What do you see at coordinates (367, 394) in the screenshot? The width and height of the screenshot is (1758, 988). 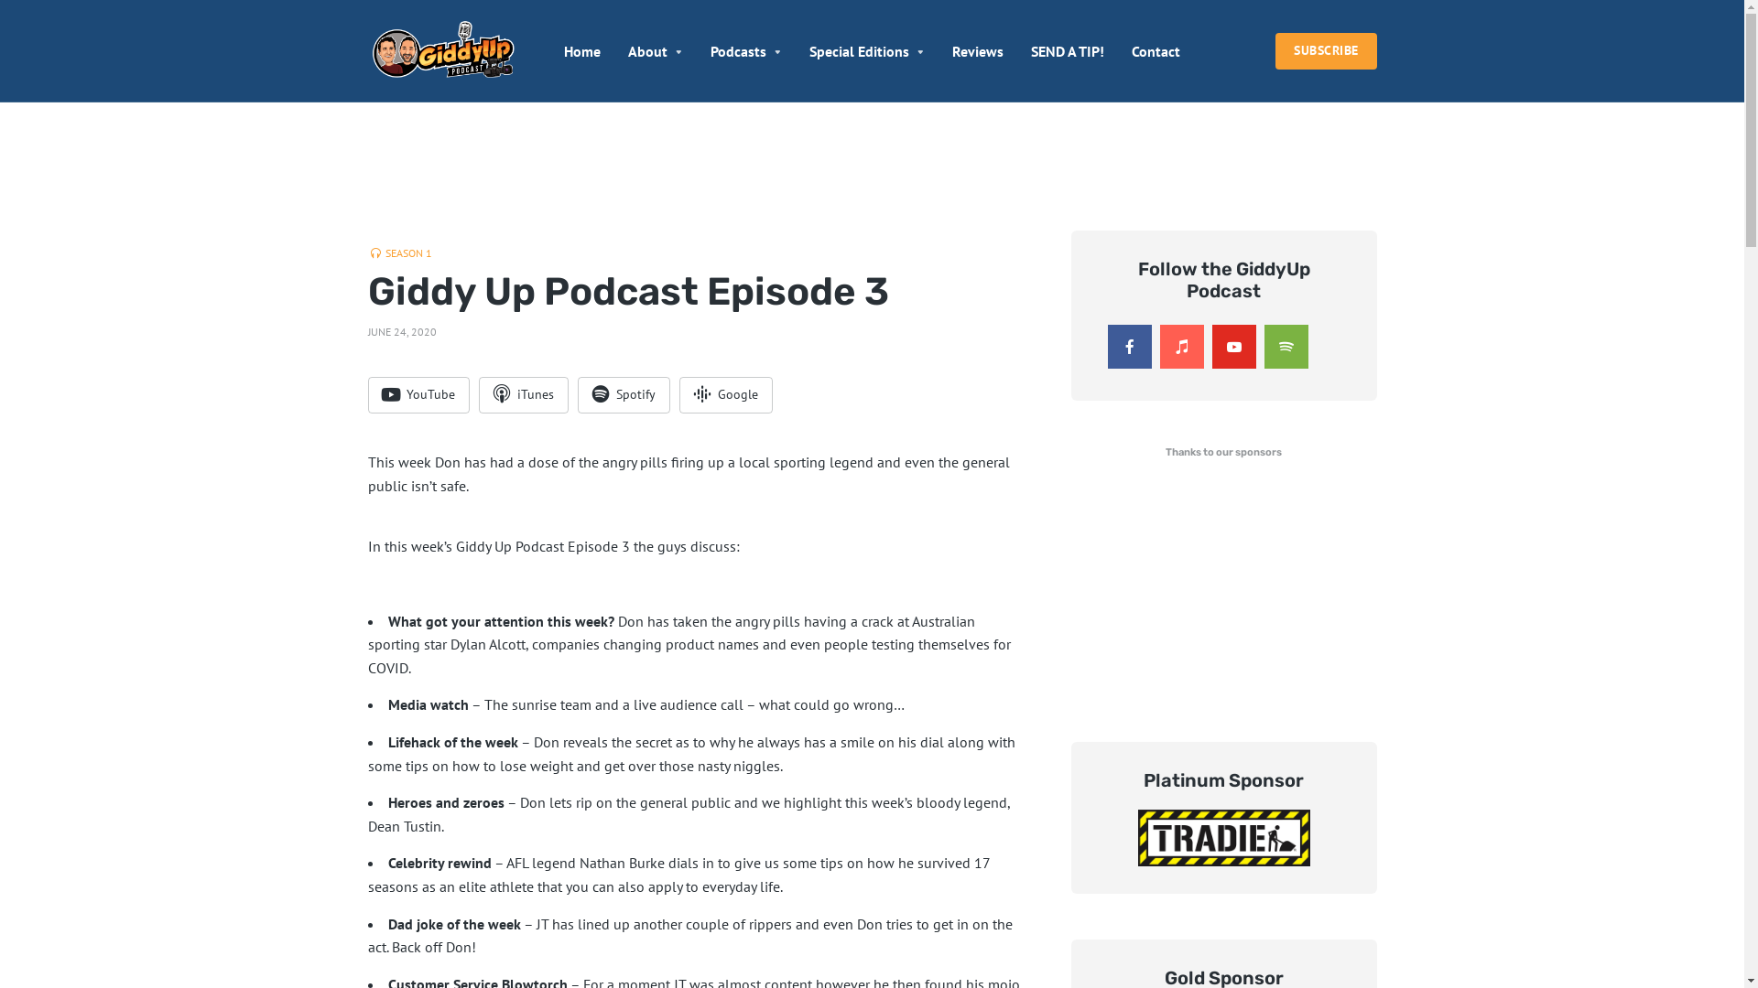 I see `'YouTube'` at bounding box center [367, 394].